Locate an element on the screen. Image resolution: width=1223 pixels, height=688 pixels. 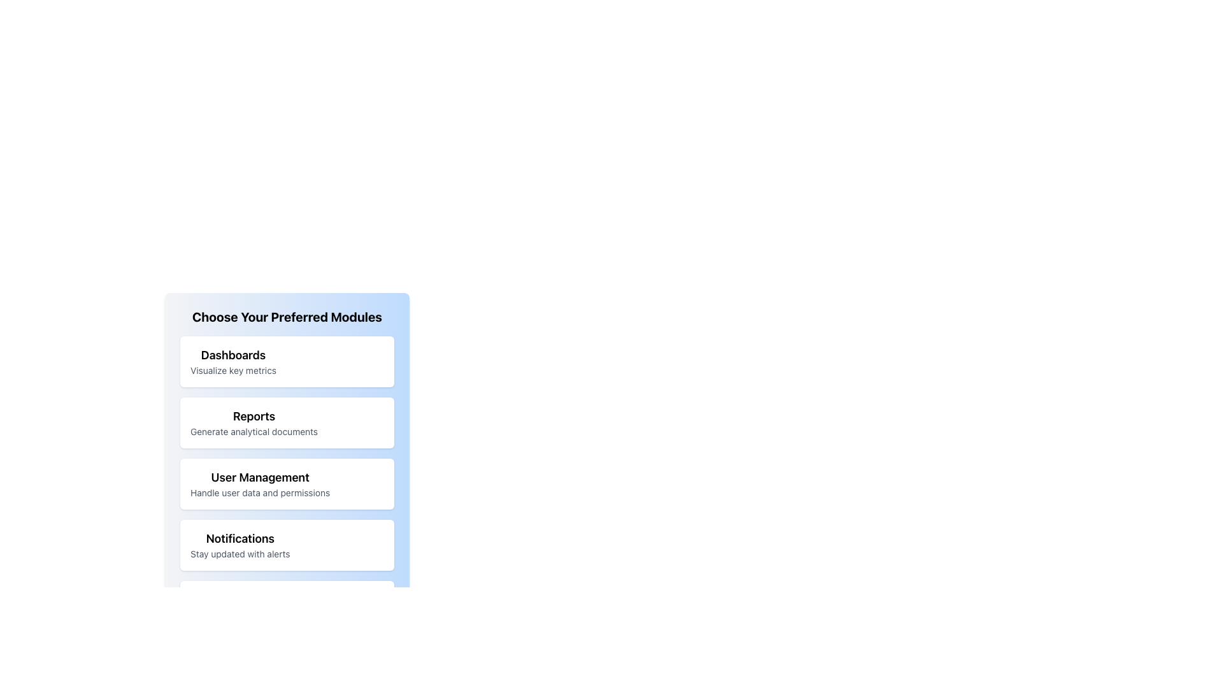
the 'User Management' module, which is the third item in the vertically stacked list within the 'Choose Your Preferred Modules' card, located below 'Reports' and above 'Notifications' is located at coordinates (287, 484).